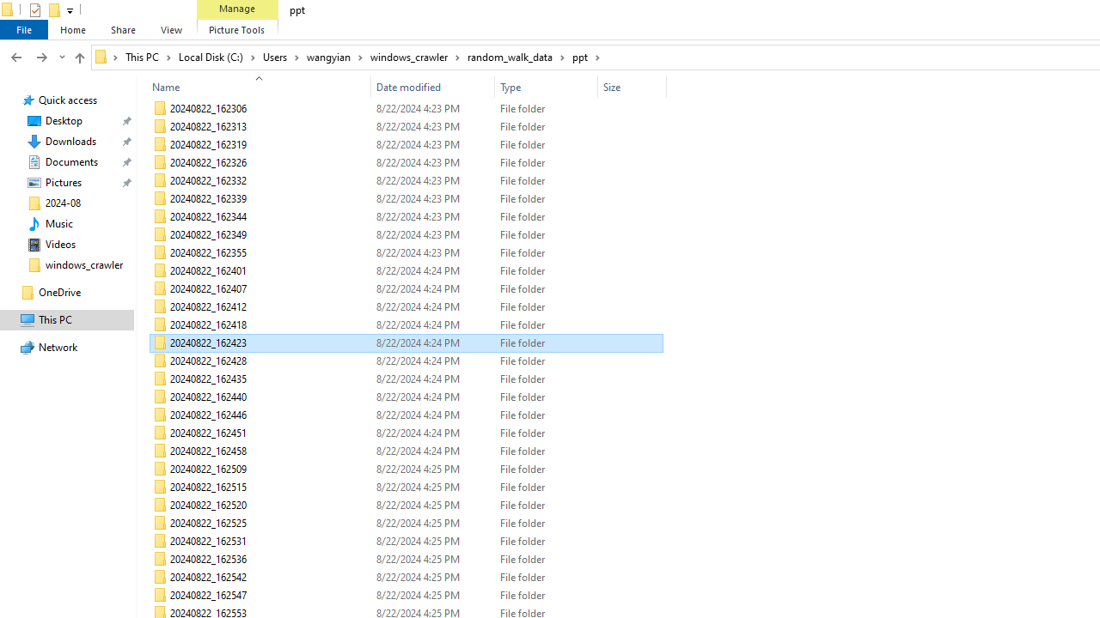 Image resolution: width=1100 pixels, height=618 pixels. Describe the element at coordinates (546, 87) in the screenshot. I see `'Type'` at that location.